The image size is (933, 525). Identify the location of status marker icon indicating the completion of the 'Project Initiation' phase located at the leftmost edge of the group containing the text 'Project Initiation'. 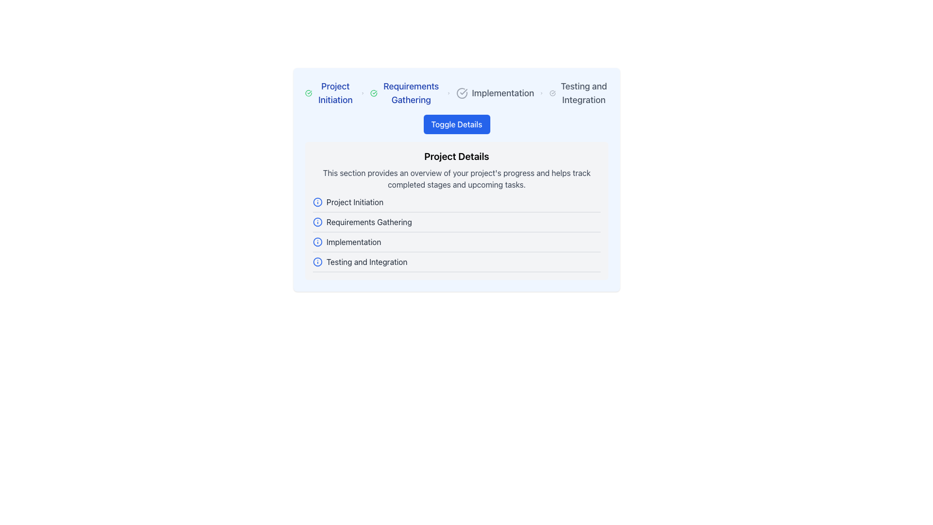
(308, 93).